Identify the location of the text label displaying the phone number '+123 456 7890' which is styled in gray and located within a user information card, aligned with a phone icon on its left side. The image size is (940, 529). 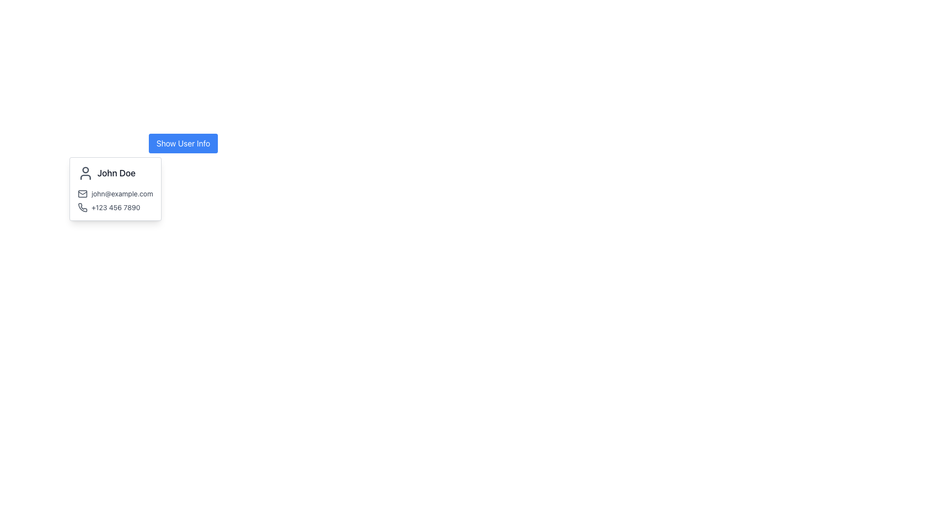
(116, 207).